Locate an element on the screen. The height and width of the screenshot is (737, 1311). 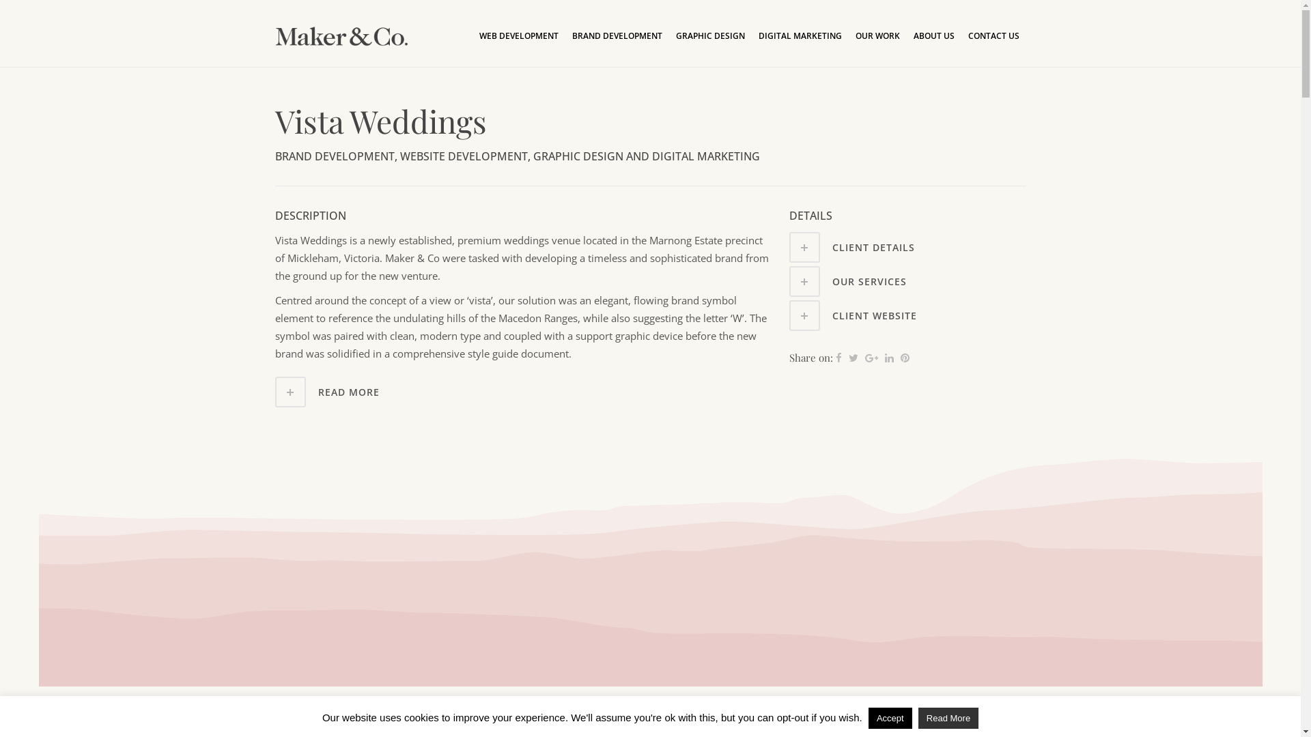
'GRAPHIC DESIGN' is located at coordinates (710, 35).